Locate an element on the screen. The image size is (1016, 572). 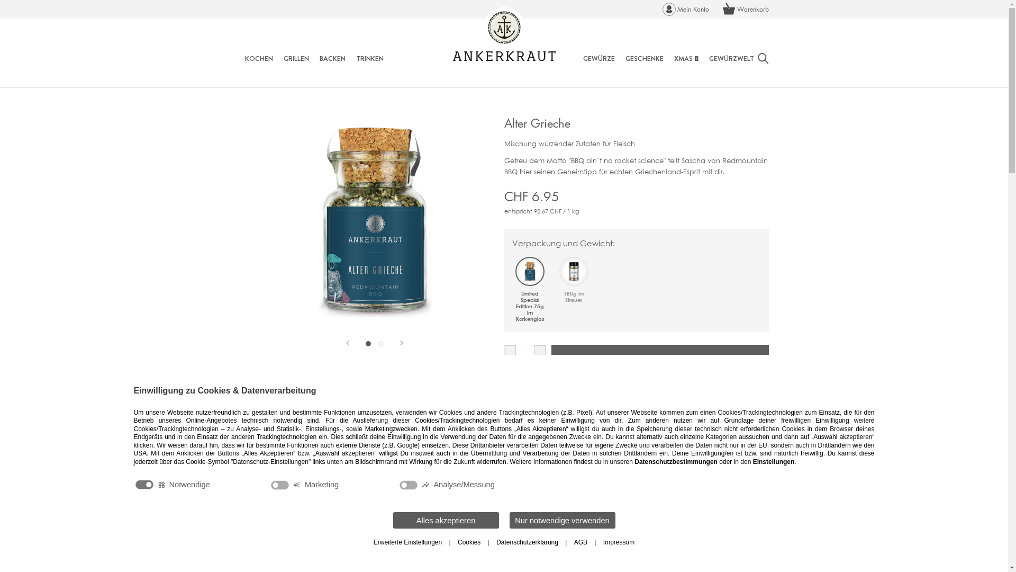
'Datenschutzbestimmungen' is located at coordinates (634, 461).